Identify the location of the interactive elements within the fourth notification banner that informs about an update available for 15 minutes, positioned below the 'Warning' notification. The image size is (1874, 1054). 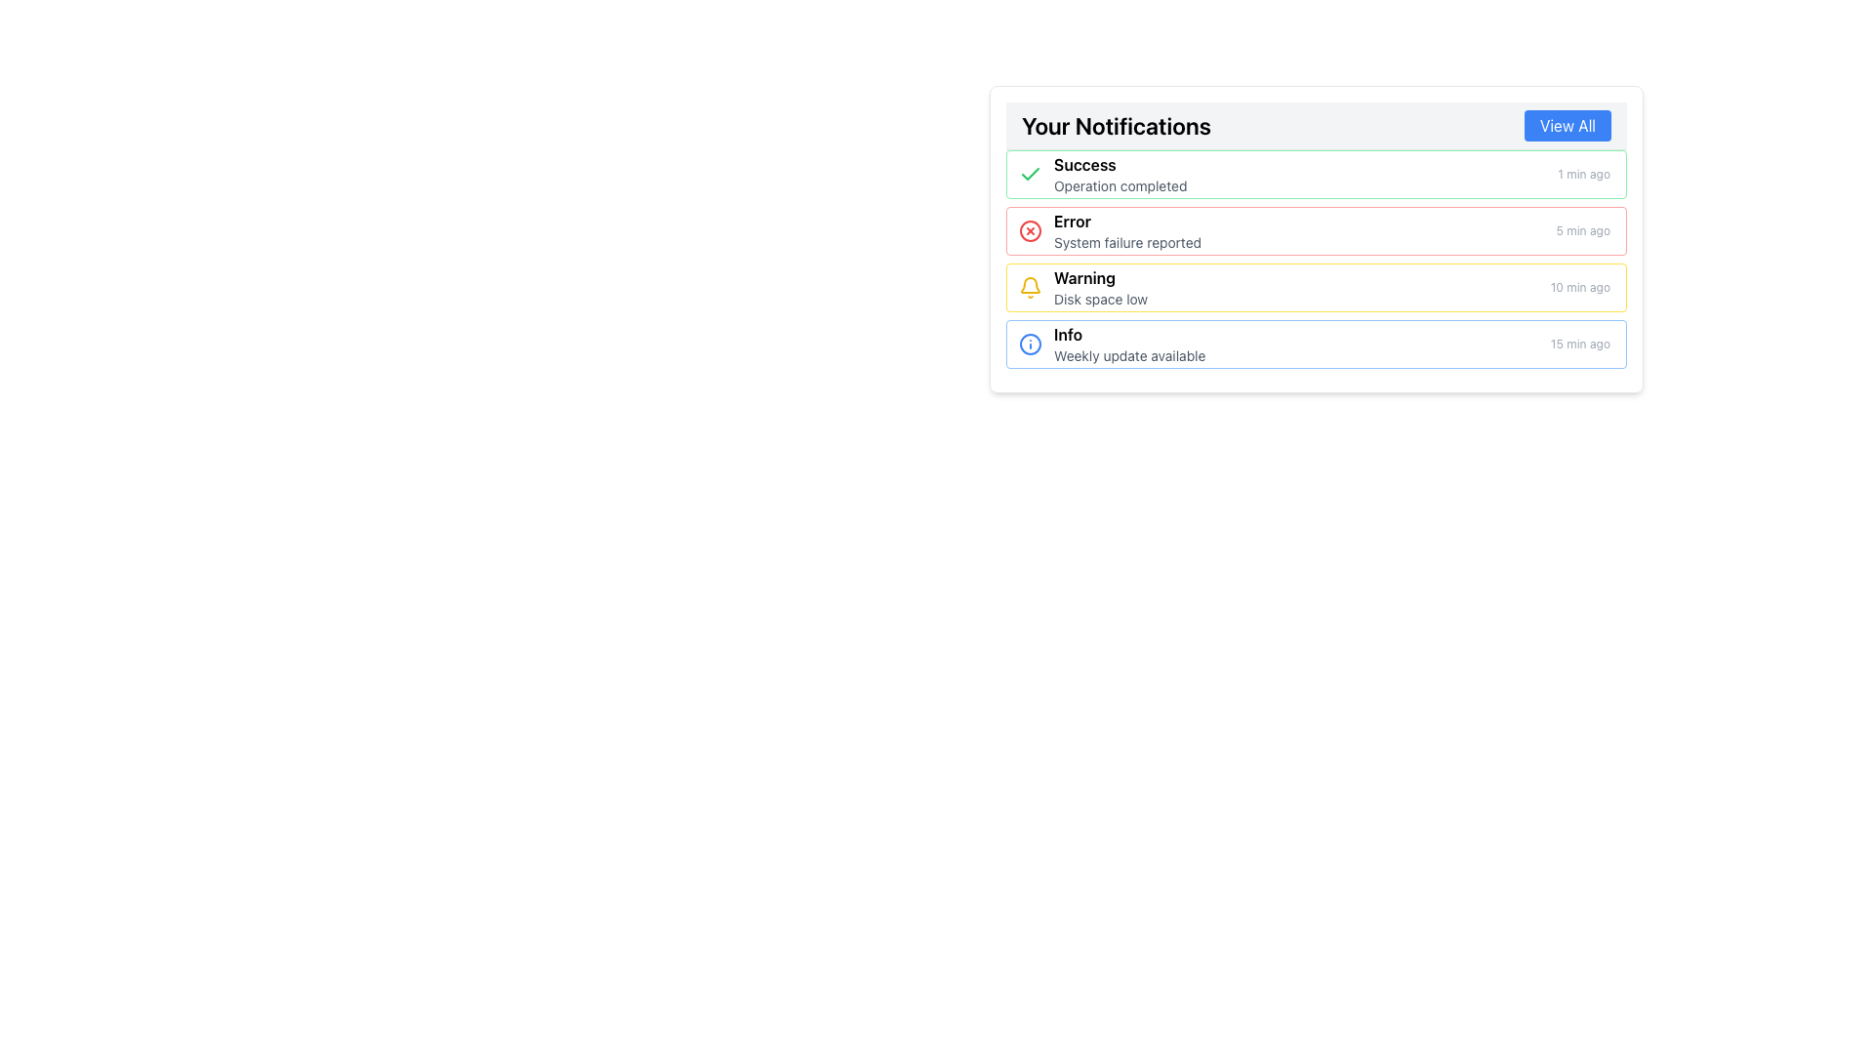
(1316, 344).